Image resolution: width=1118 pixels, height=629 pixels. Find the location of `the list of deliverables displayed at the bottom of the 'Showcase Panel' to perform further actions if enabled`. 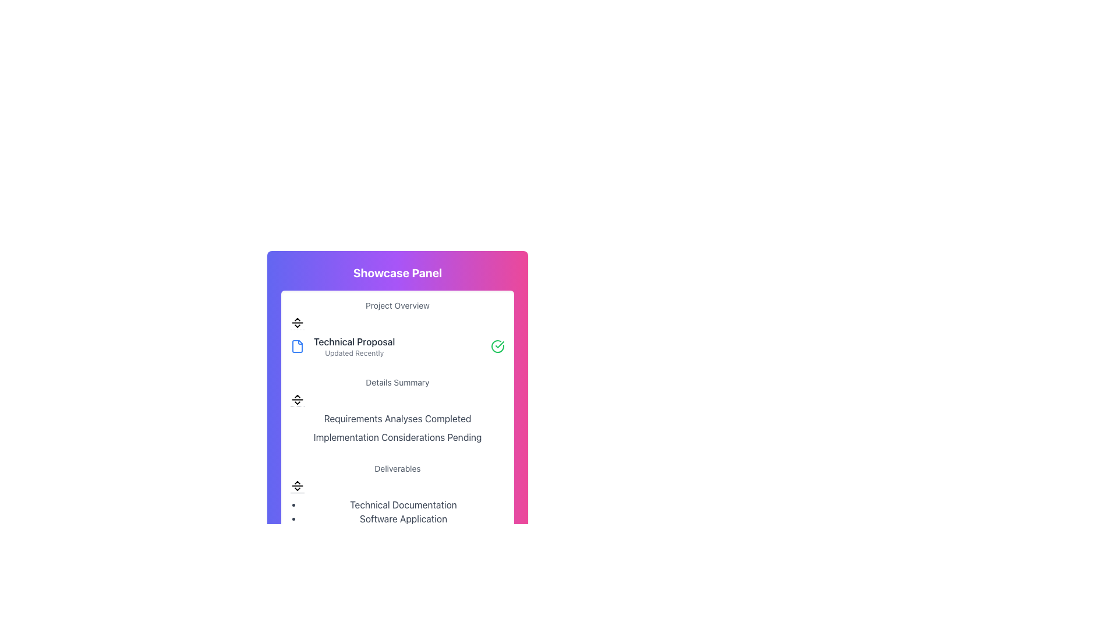

the list of deliverables displayed at the bottom of the 'Showcase Panel' to perform further actions if enabled is located at coordinates (397, 500).